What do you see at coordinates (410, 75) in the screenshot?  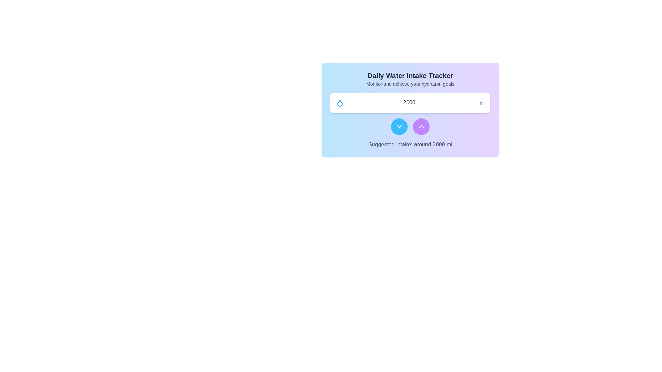 I see `header text indicating the purpose of the section related to tracking daily water intake, which is centrally aligned above the descriptive text` at bounding box center [410, 75].